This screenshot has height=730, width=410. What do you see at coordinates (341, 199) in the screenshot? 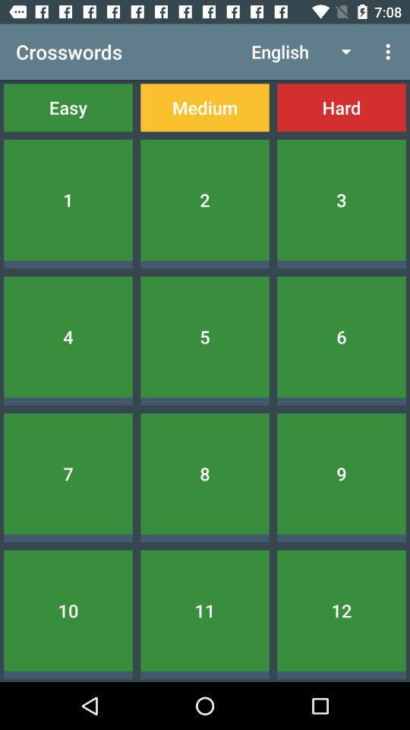
I see `3 icon` at bounding box center [341, 199].